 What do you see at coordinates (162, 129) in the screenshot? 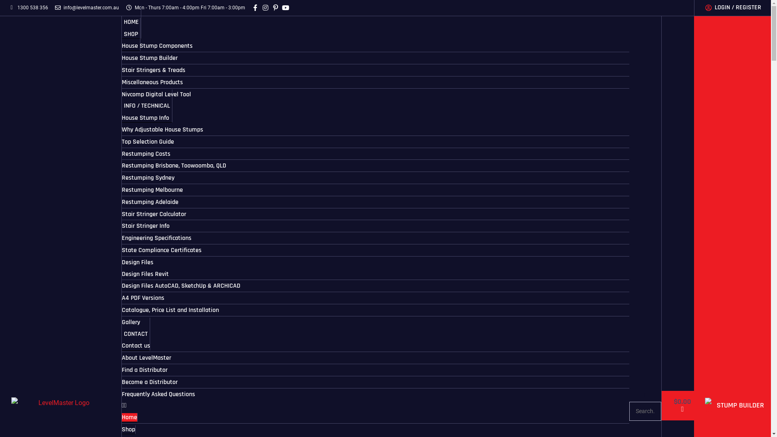
I see `'Why Adjustable House Stumps'` at bounding box center [162, 129].